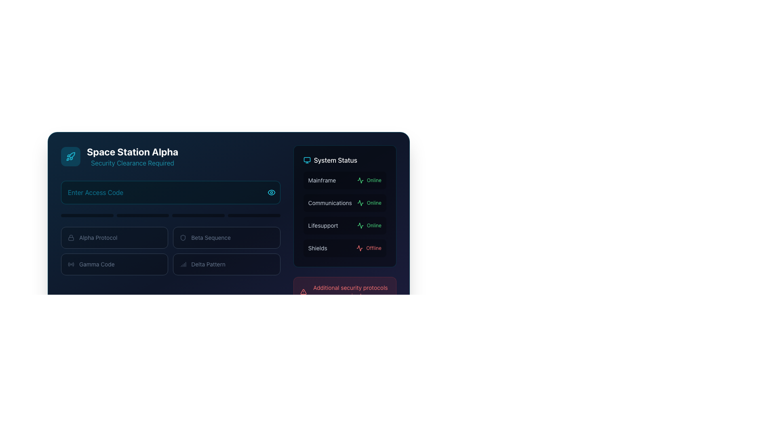  I want to click on the decorative subtitle indicating that a security clearance is needed, located directly below the 'Space Station Alpha' title, so click(133, 163).